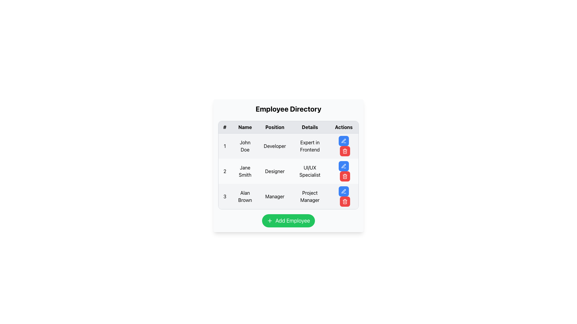 This screenshot has height=324, width=577. Describe the element at coordinates (344, 196) in the screenshot. I see `the red square-shaped delete button with a trash bin icon located in the 'Actions' column for 'Alan Brown'` at that location.